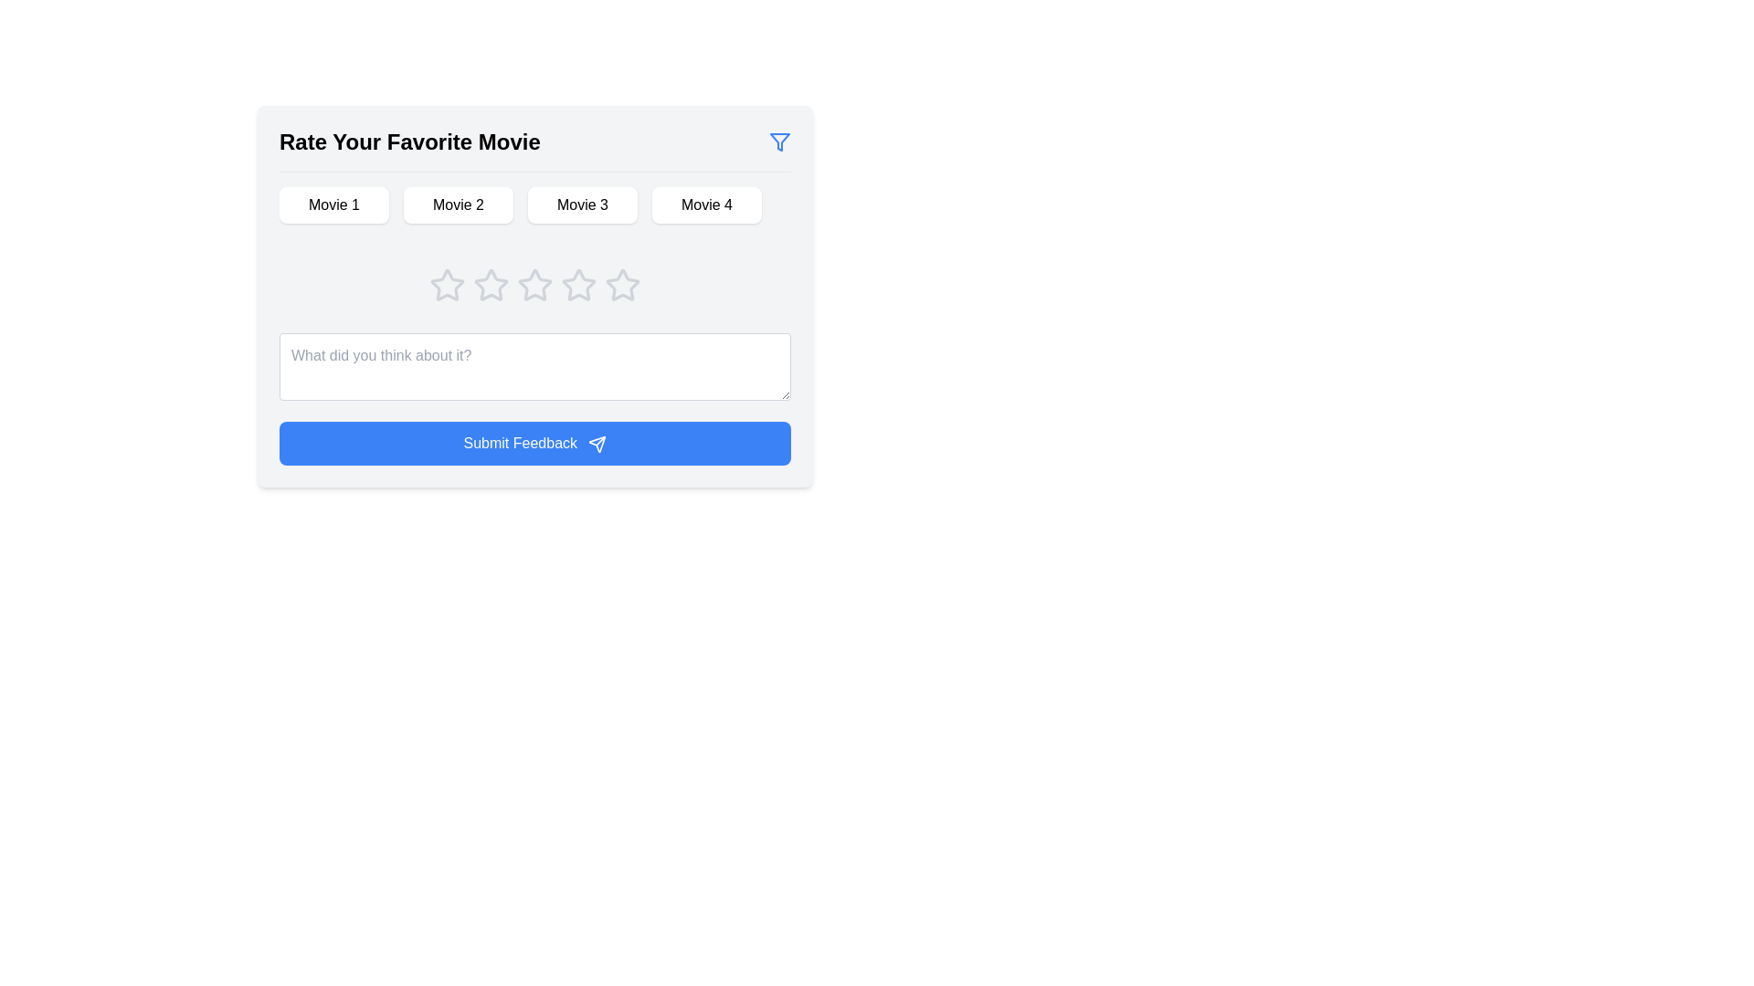  I want to click on the third star in the rating sequence, so click(534, 295).